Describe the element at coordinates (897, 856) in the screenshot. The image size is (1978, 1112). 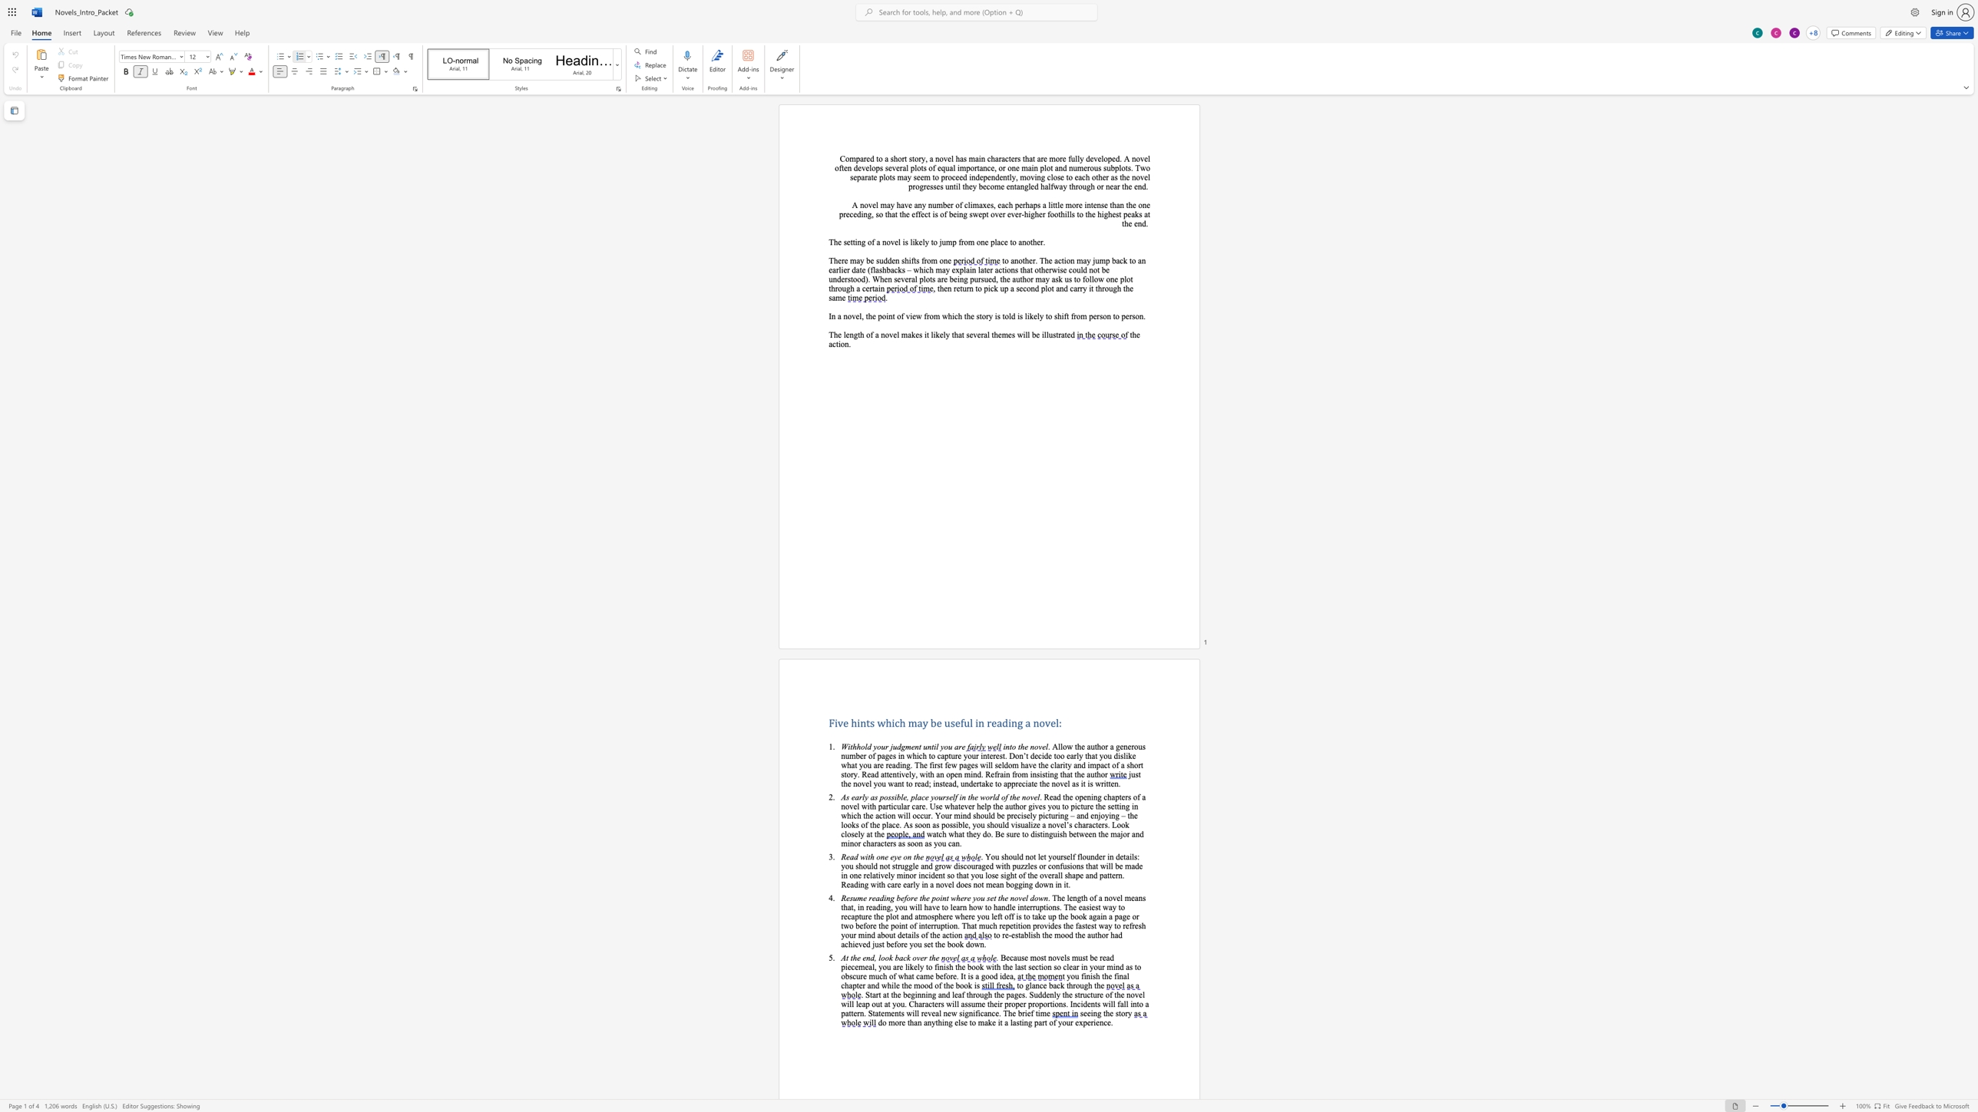
I see `the space between the continuous character "y" and "e" in the text` at that location.